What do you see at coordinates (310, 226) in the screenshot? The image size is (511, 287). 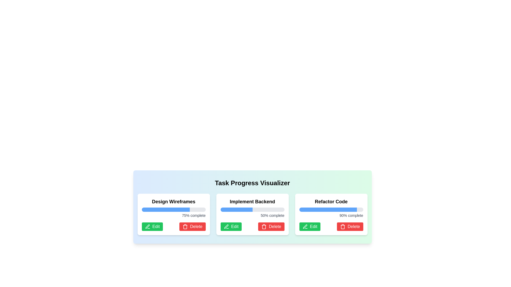 I see `the green 'Edit' button with a white pen icon located to the left of the 'Delete' button in the 'Refactor Code' task card` at bounding box center [310, 226].